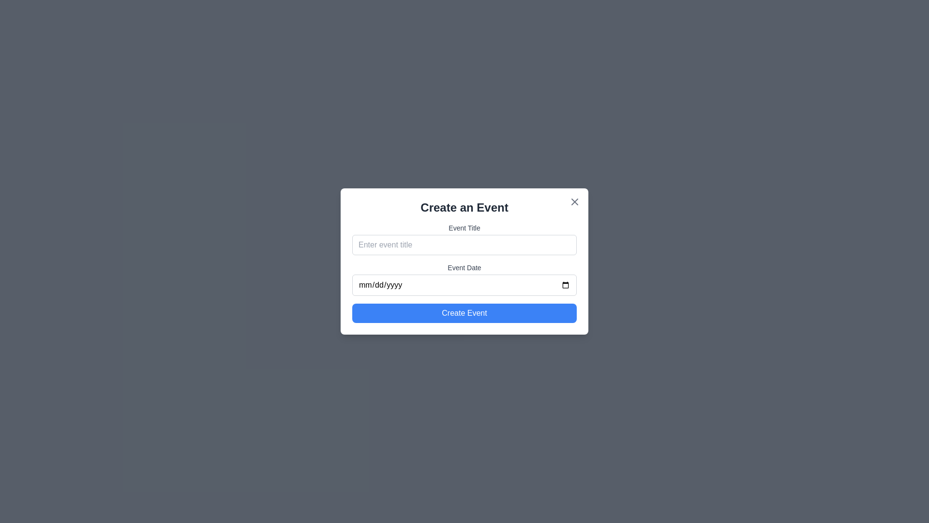 The height and width of the screenshot is (523, 929). What do you see at coordinates (464, 239) in the screenshot?
I see `the input box labeled 'Event Title' to focus on it for user input` at bounding box center [464, 239].